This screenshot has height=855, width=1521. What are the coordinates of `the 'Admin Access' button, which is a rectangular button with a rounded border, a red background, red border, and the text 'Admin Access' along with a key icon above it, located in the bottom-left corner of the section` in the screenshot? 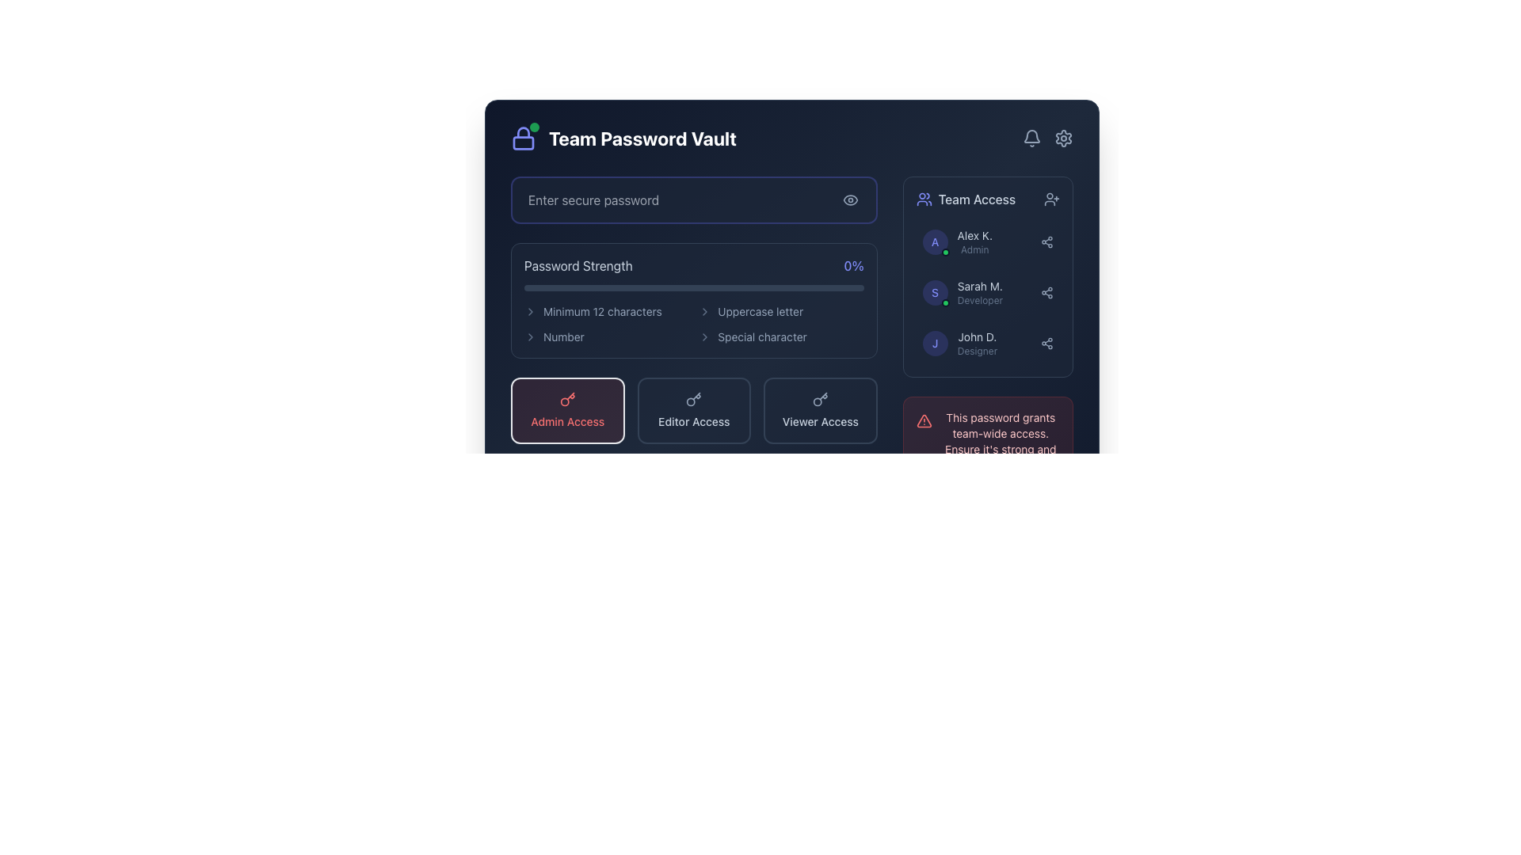 It's located at (567, 410).